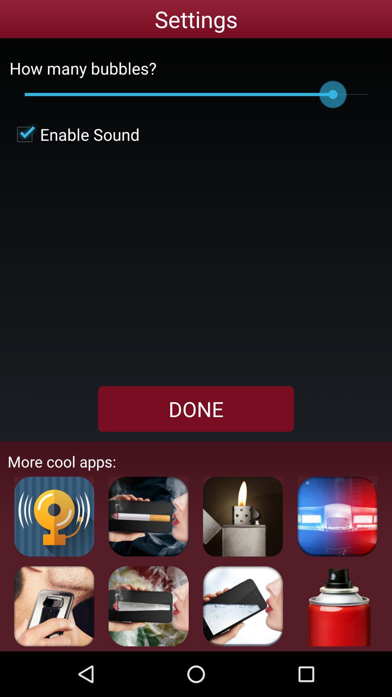 The height and width of the screenshot is (697, 392). Describe the element at coordinates (74, 134) in the screenshot. I see `enable sound icon` at that location.